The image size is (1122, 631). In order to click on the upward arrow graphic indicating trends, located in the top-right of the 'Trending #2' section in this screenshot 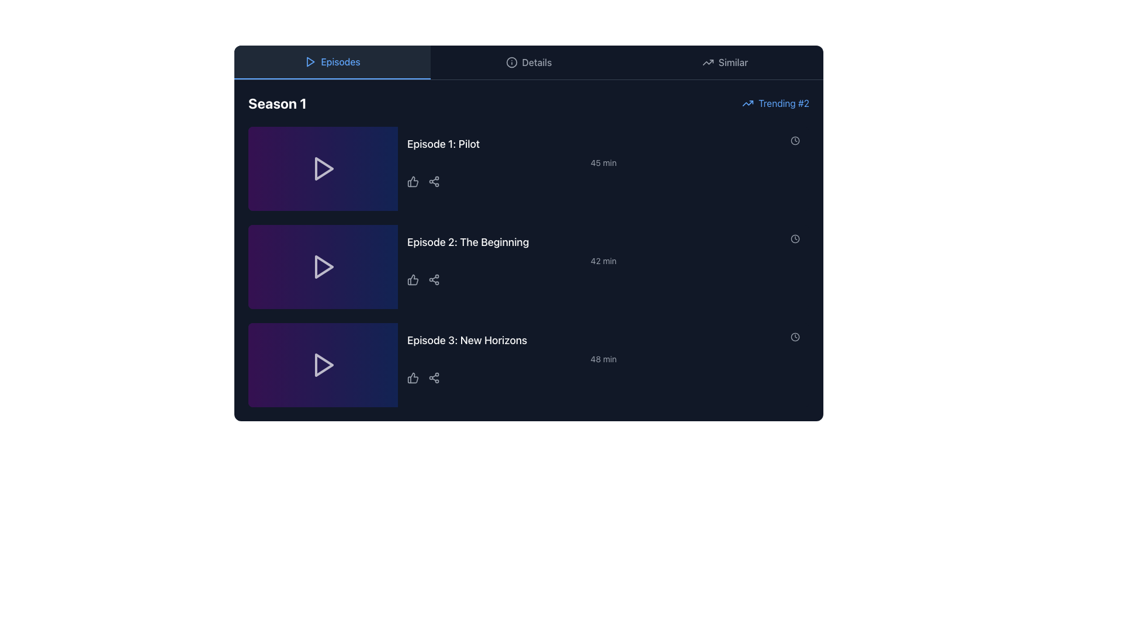, I will do `click(748, 103)`.